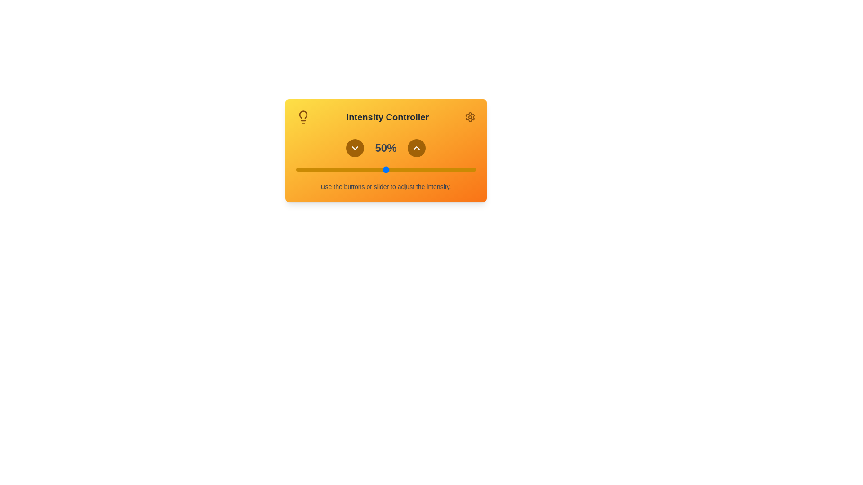  I want to click on the intensity, so click(303, 170).